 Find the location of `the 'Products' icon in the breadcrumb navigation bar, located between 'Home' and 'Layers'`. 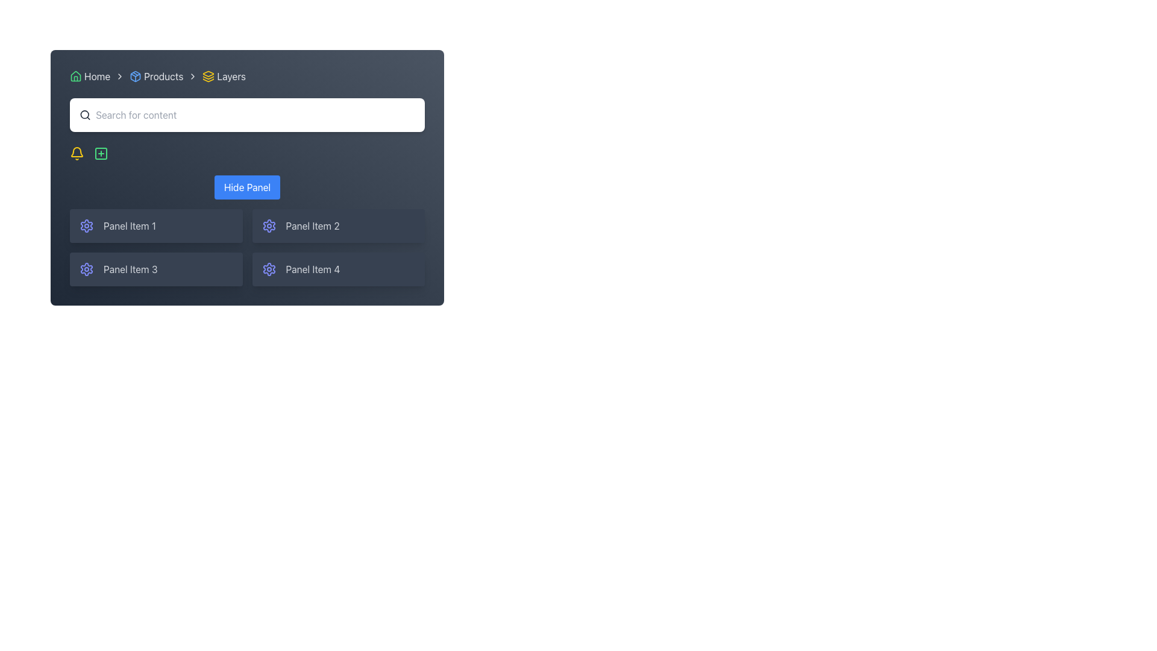

the 'Products' icon in the breadcrumb navigation bar, located between 'Home' and 'Layers' is located at coordinates (136, 77).